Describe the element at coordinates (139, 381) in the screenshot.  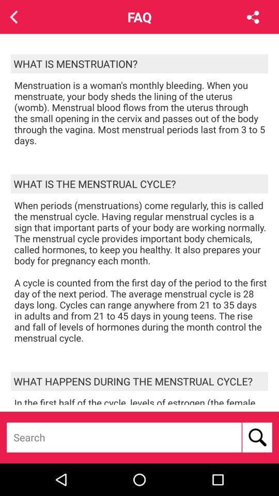
I see `the what happens during app` at that location.